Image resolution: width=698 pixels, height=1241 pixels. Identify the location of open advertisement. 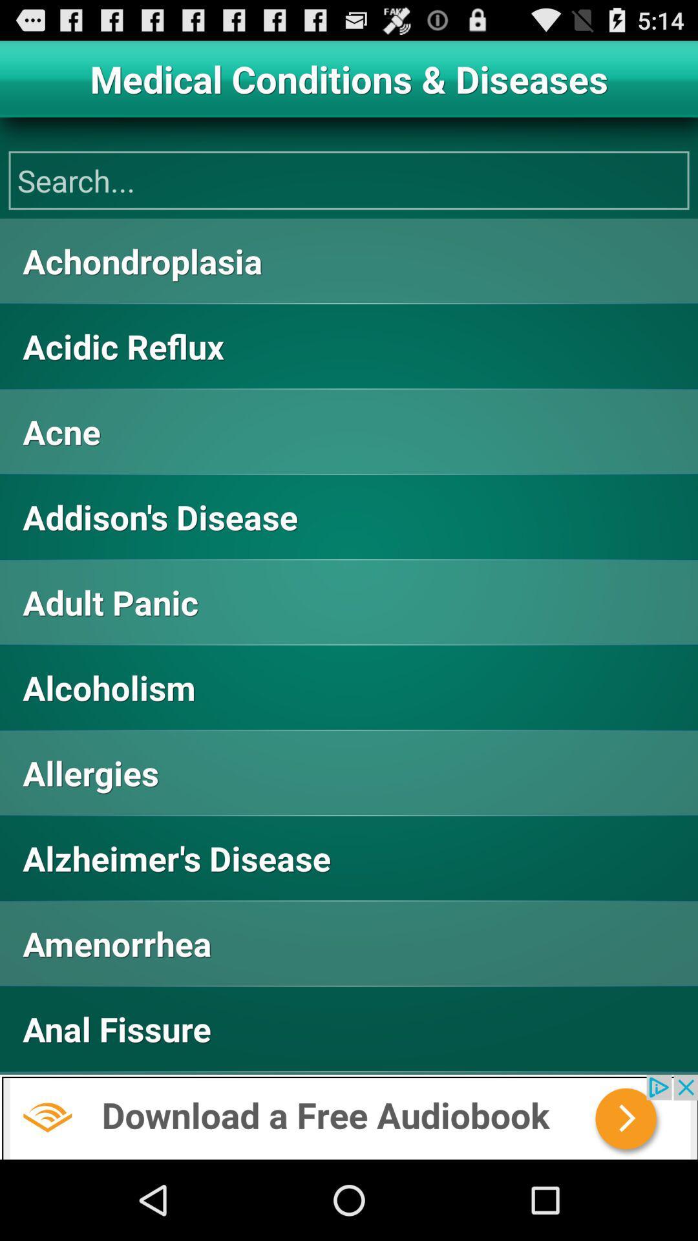
(349, 1116).